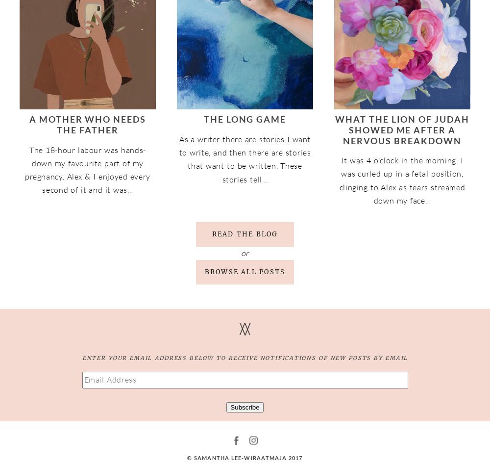 Image resolution: width=490 pixels, height=464 pixels. I want to click on 'What The Lion of Judah Showed Me After A Nervous Breakdown', so click(401, 129).